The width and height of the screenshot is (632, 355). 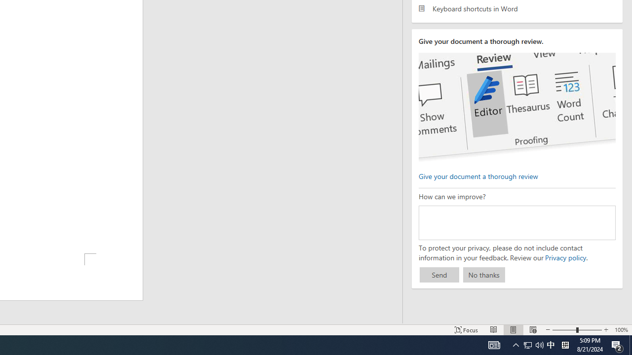 I want to click on 'Keyboard shortcuts in Word', so click(x=516, y=8).